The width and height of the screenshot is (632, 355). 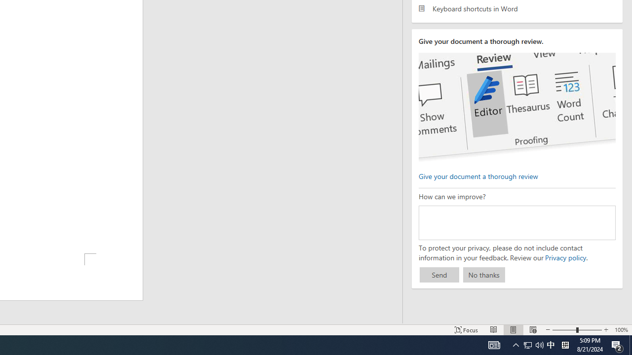 I want to click on 'Keyboard shortcuts in Word', so click(x=516, y=8).